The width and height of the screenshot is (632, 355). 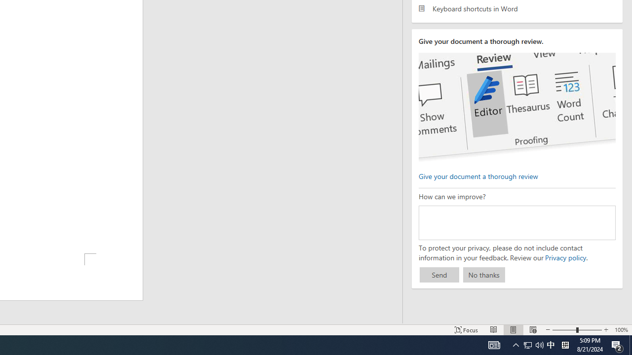 I want to click on 'Keyboard shortcuts in Word', so click(x=516, y=8).